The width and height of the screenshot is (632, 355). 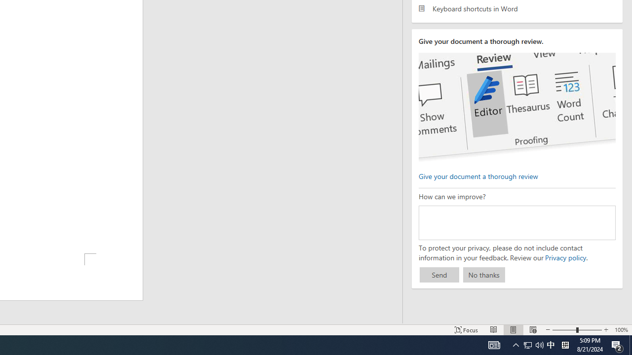 I want to click on 'Keyboard shortcuts in Word', so click(x=516, y=8).